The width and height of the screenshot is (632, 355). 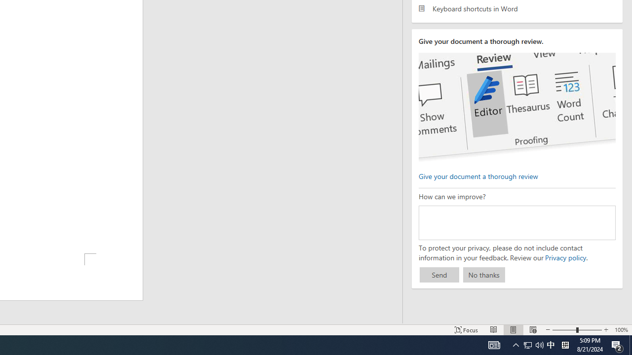 I want to click on 'Keyboard shortcuts in Word', so click(x=516, y=8).